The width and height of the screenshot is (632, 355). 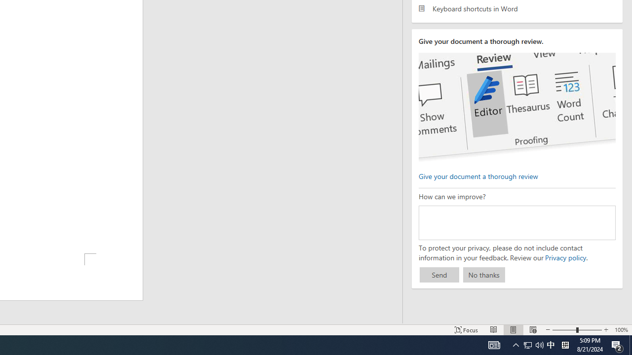 I want to click on 'Keyboard shortcuts in Word', so click(x=516, y=8).